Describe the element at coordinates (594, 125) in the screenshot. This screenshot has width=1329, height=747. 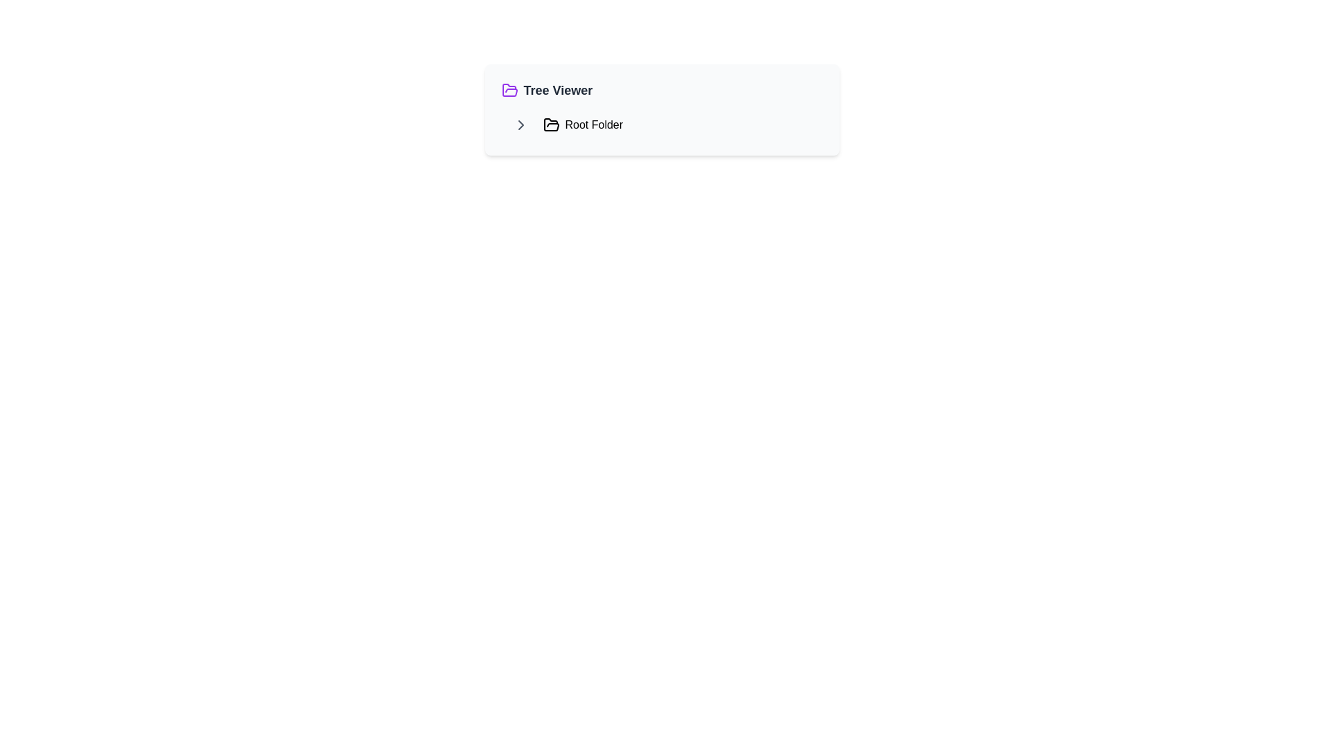
I see `text of the label displaying 'Root Folder', which is aligned to the right of a folder icon and located under the 'Tree Viewer' header` at that location.